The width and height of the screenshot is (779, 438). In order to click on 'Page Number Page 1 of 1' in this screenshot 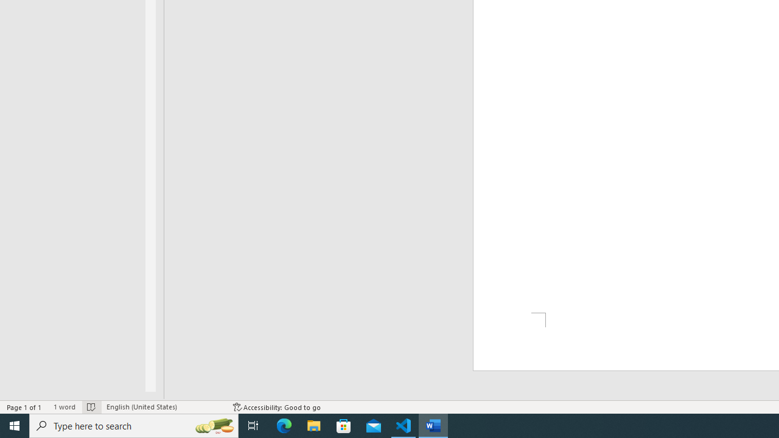, I will do `click(24, 407)`.